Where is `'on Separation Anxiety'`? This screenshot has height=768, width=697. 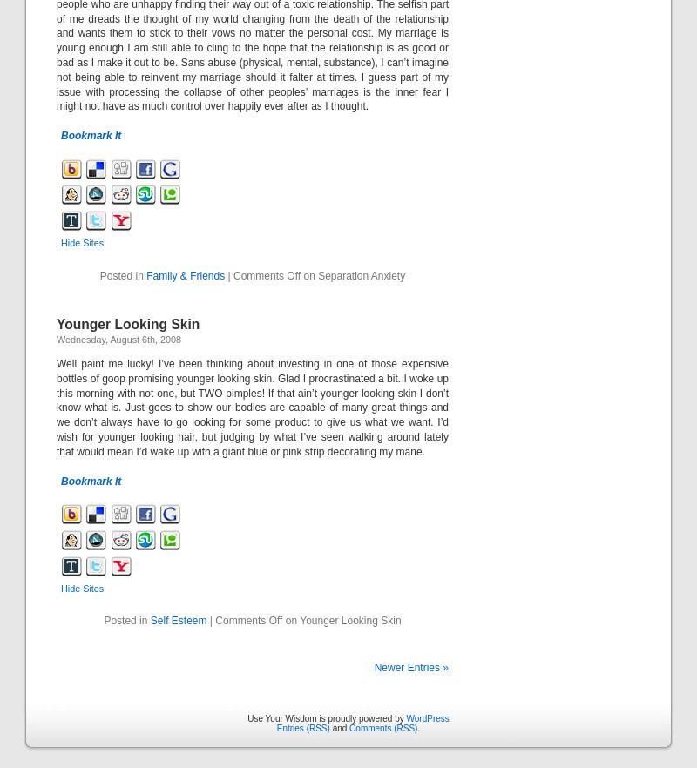
'on Separation Anxiety' is located at coordinates (353, 275).